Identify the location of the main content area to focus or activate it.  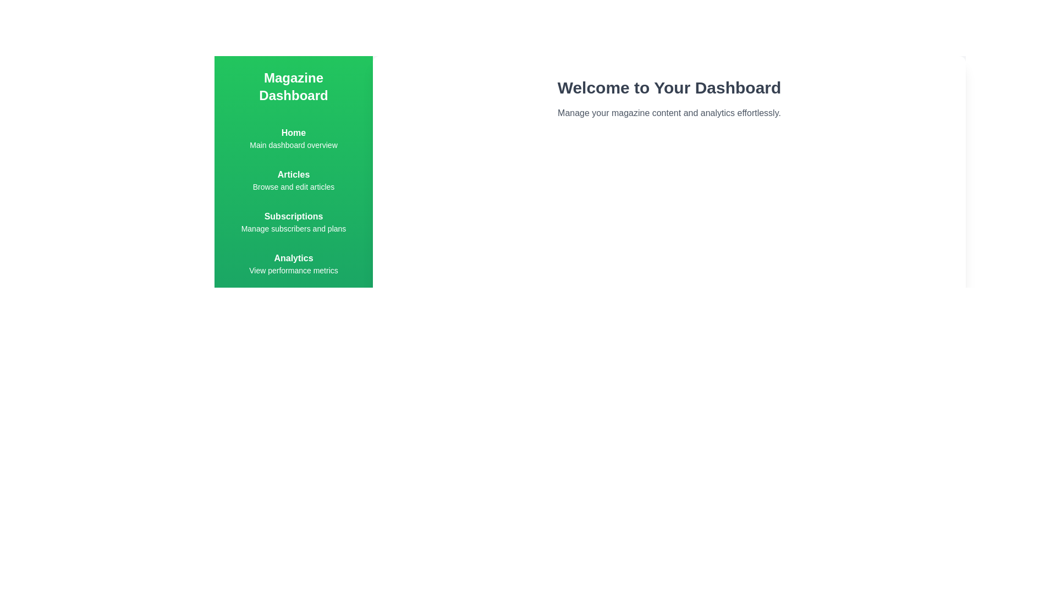
(669, 353).